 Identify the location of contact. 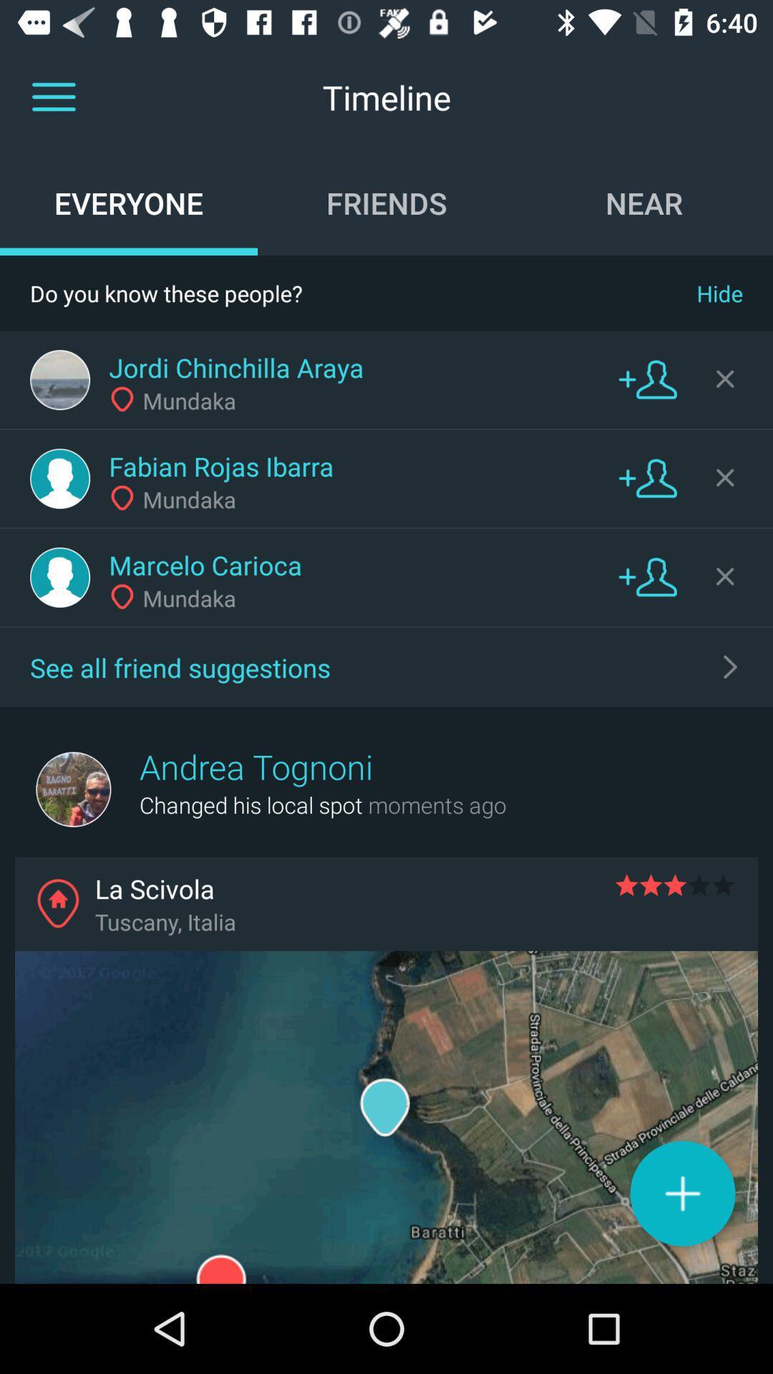
(648, 477).